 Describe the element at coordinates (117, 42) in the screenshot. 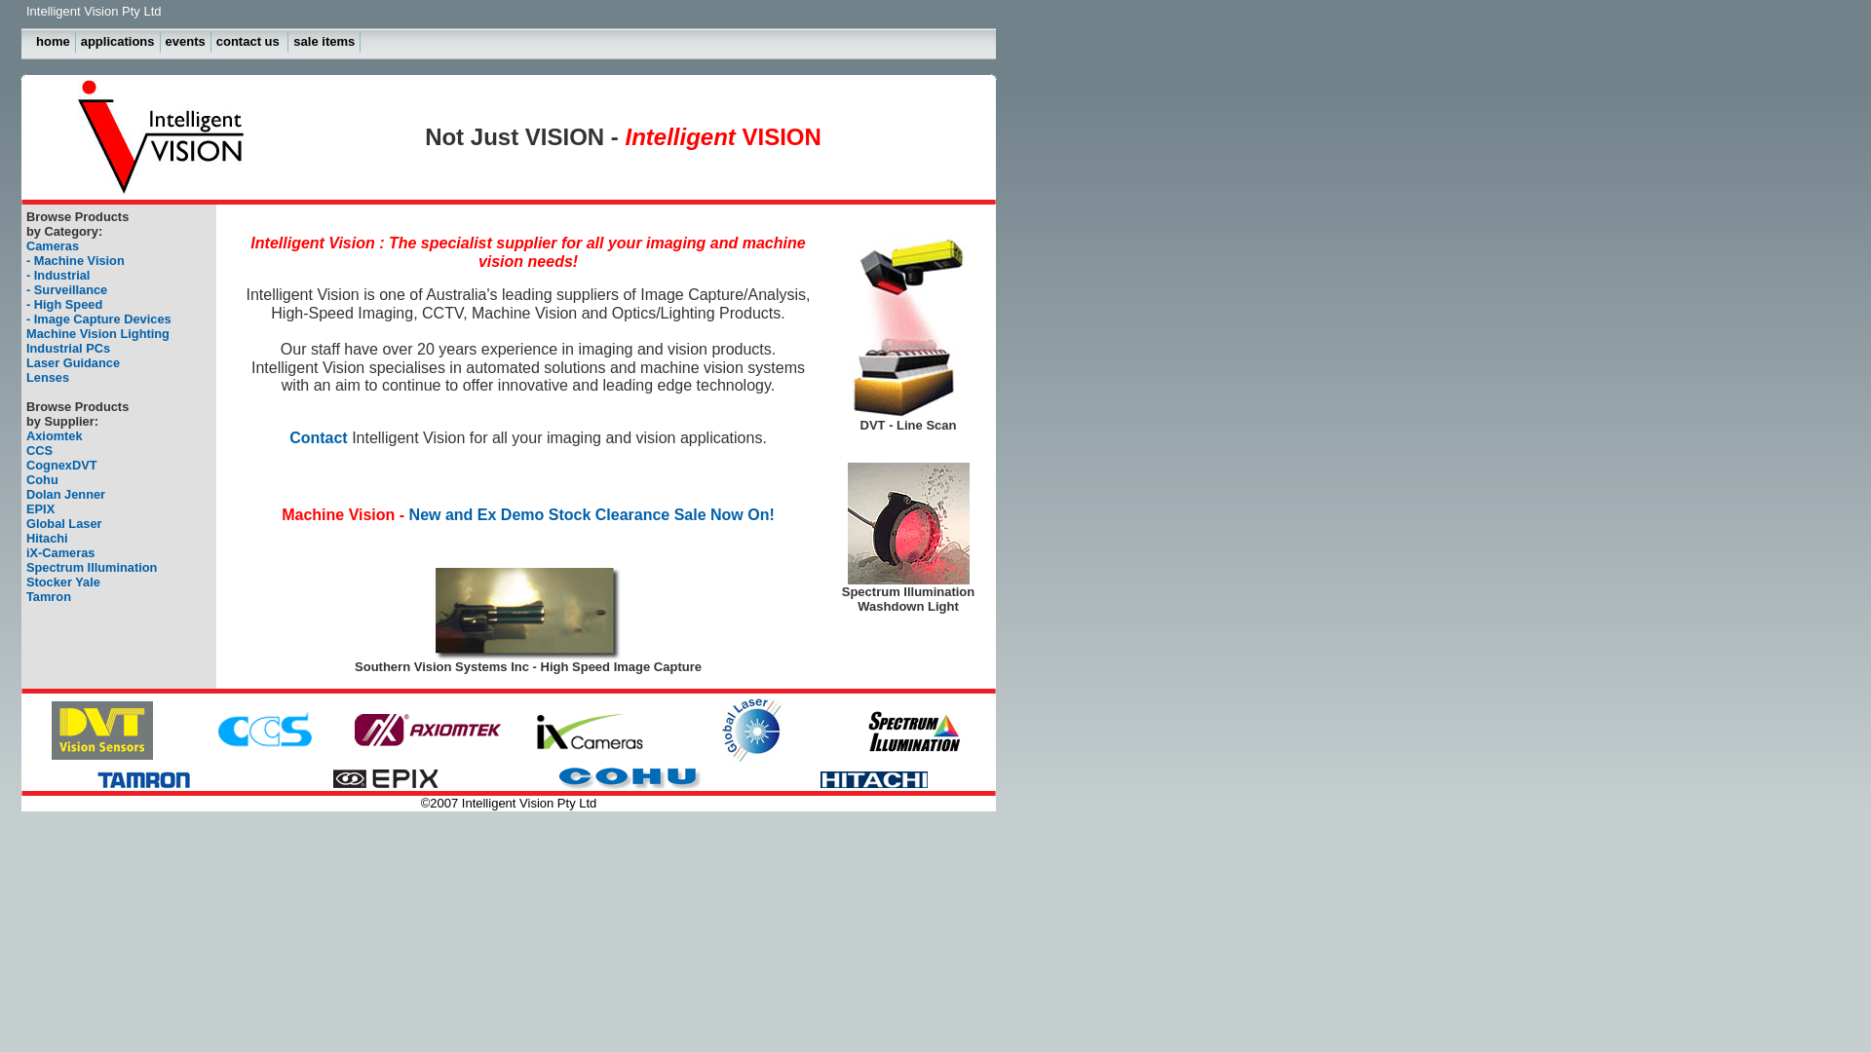

I see `'applications'` at that location.